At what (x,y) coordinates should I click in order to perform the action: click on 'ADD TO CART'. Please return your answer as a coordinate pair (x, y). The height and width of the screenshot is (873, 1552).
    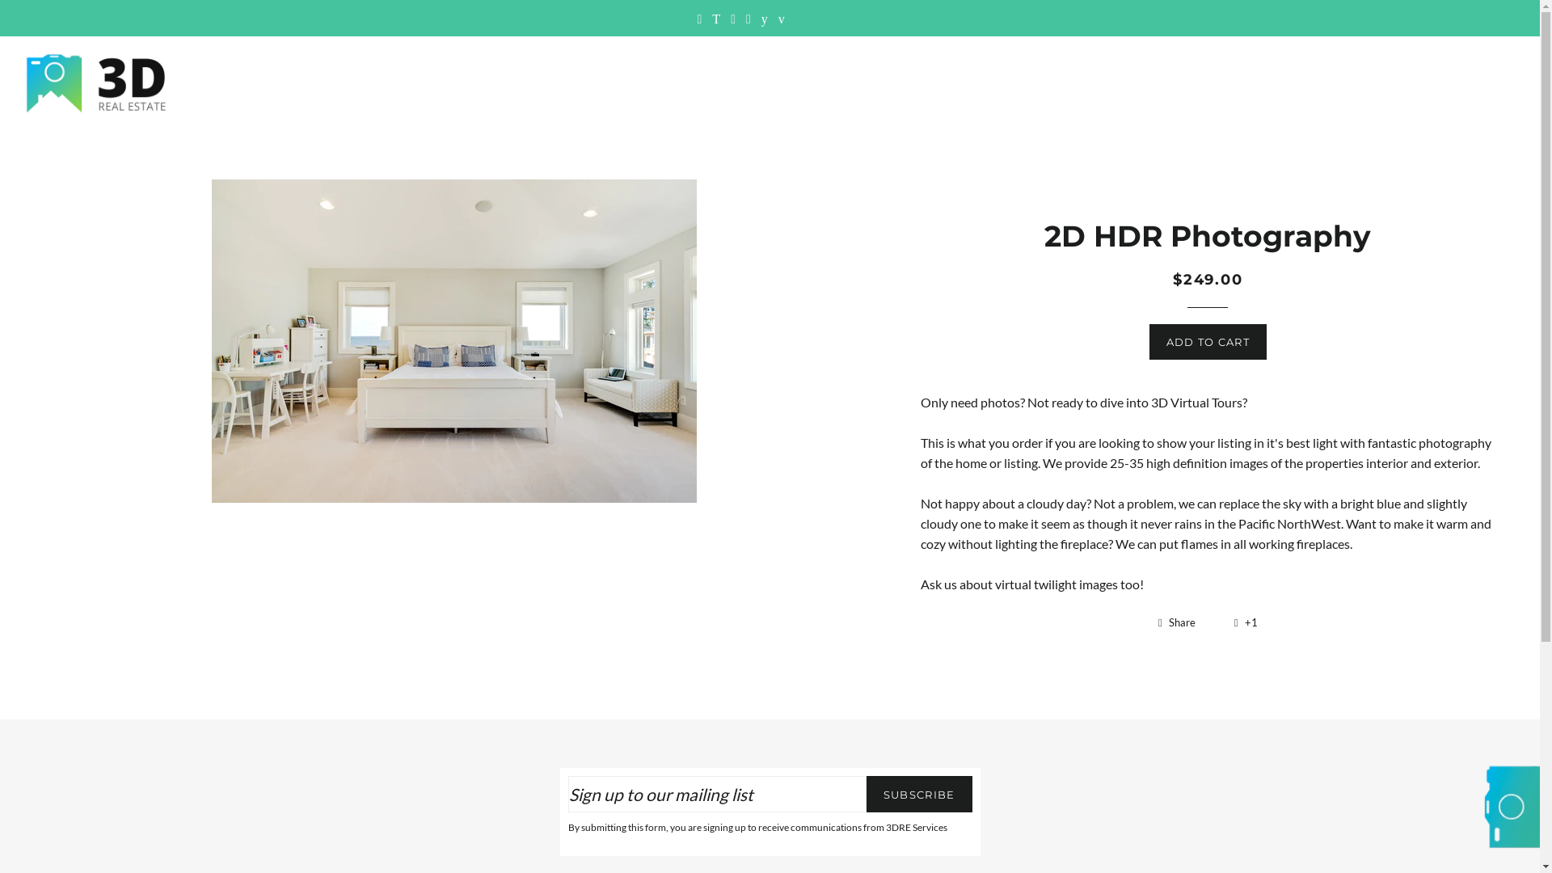
    Looking at the image, I should click on (1208, 341).